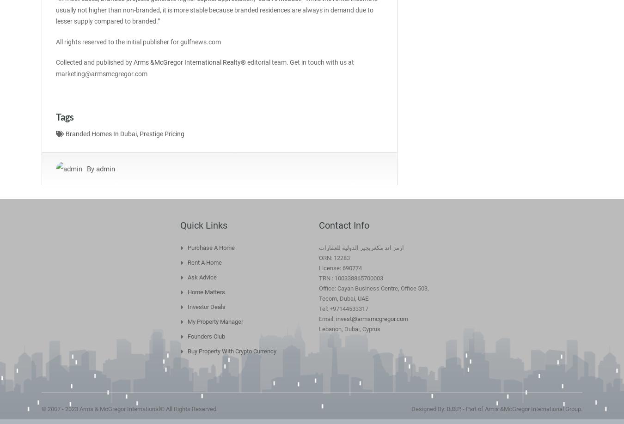 This screenshot has width=624, height=424. Describe the element at coordinates (138, 133) in the screenshot. I see `','` at that location.